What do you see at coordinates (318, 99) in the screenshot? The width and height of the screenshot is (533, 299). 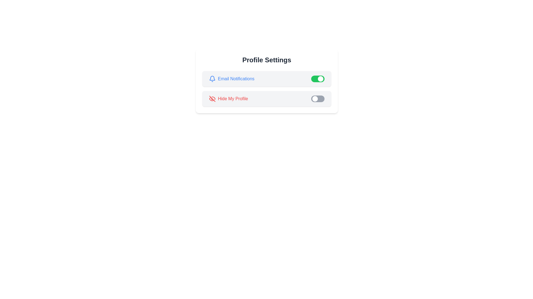 I see `the toggle switch in the 'Hide My Profile' section of the 'Profile Settings' panel` at bounding box center [318, 99].